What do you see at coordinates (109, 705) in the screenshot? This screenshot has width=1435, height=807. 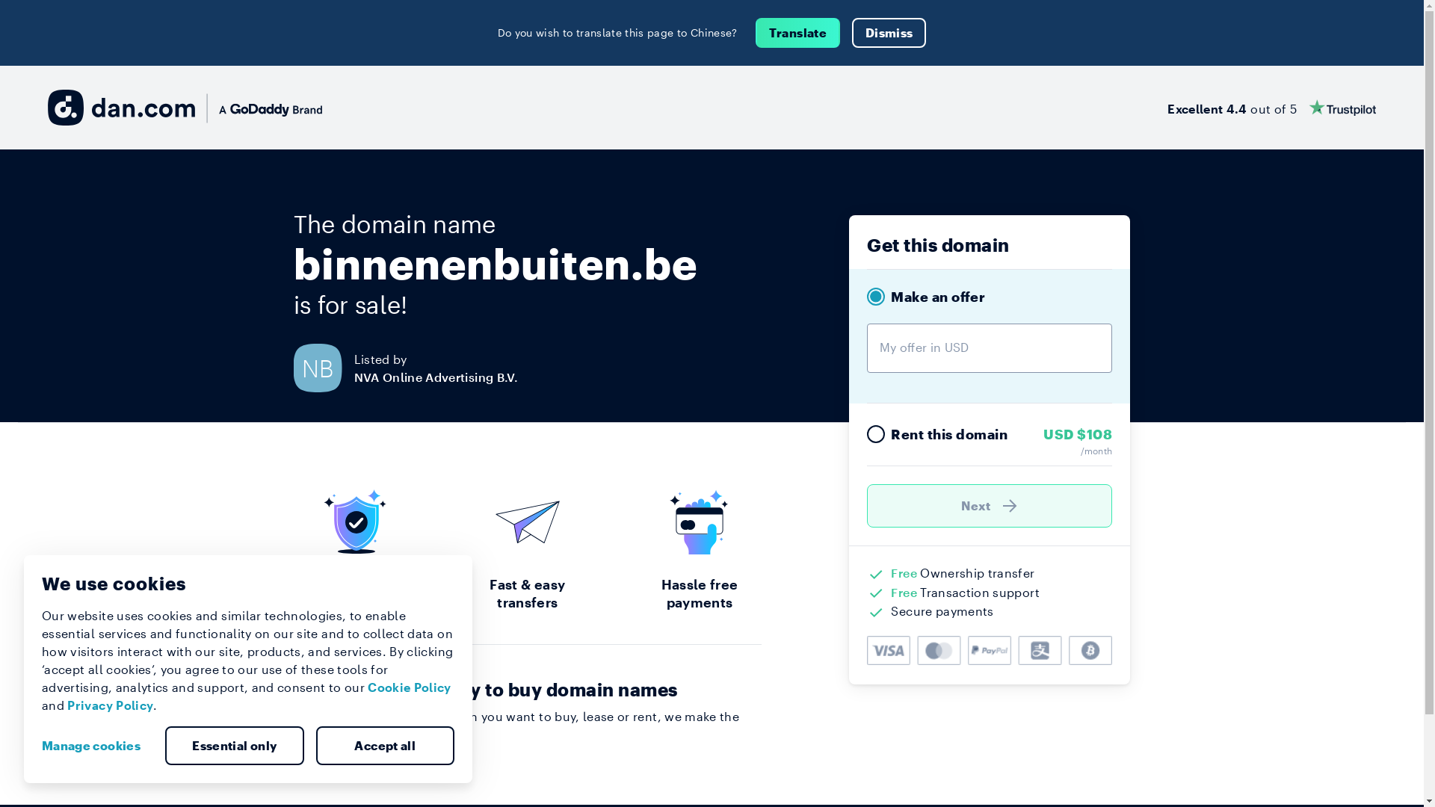 I see `'Privacy Policy'` at bounding box center [109, 705].